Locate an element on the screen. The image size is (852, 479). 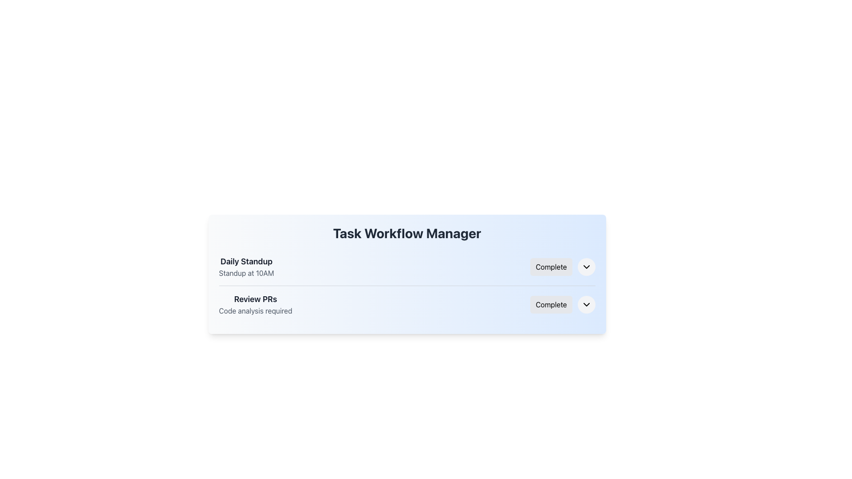
the 'Complete' Dropdown Trigger button, which is a rectangular button with a light gray background and a downward-pointing chevron icon is located at coordinates (562, 266).